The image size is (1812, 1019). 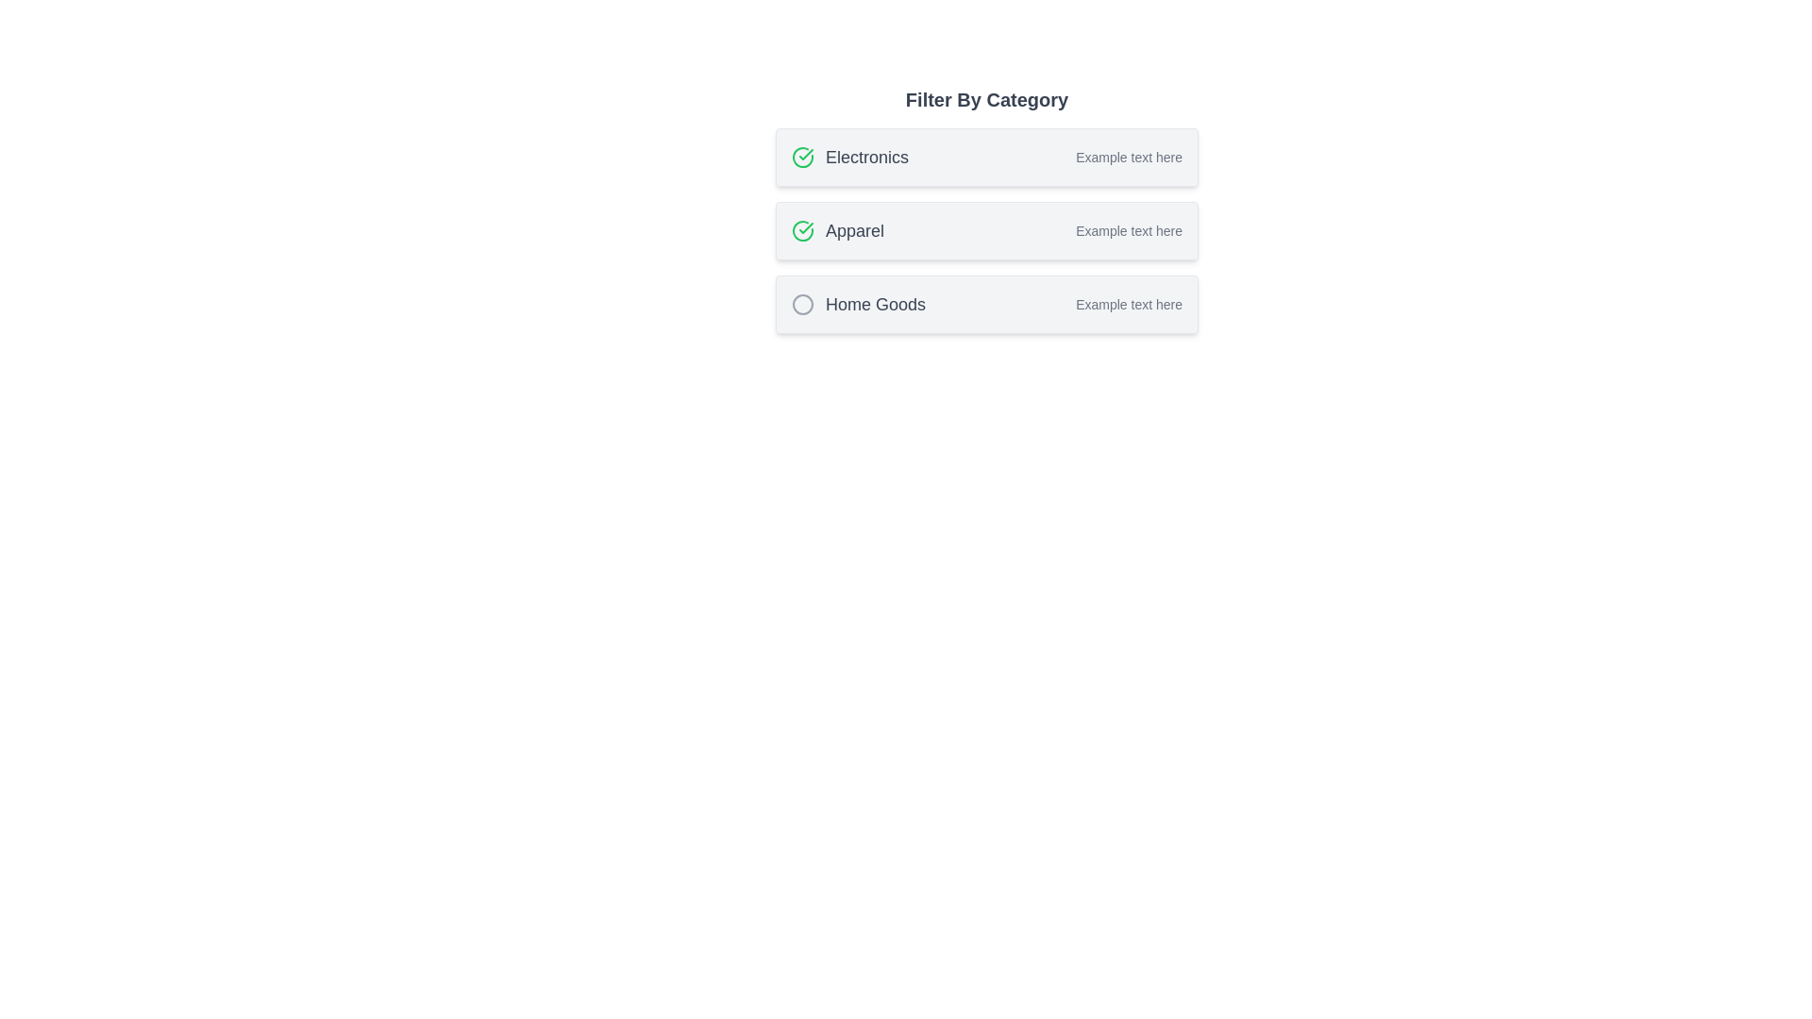 What do you see at coordinates (802, 156) in the screenshot?
I see `the status of the circular green graphic icon with a checkmark located in the second row of the categorized filter list, specifically in the 'Apparel' category entry, to the left of the text 'Apparel'` at bounding box center [802, 156].